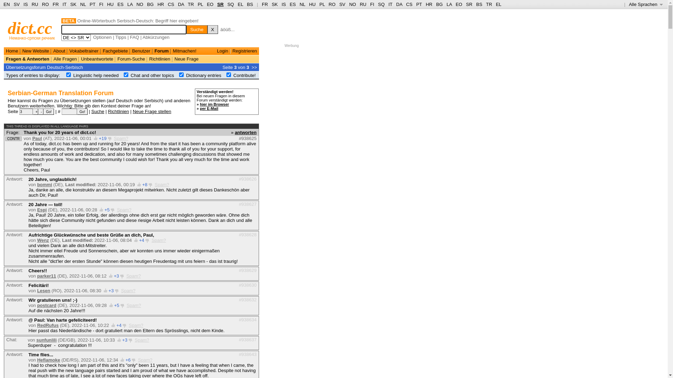  What do you see at coordinates (360, 4) in the screenshot?
I see `'RU'` at bounding box center [360, 4].